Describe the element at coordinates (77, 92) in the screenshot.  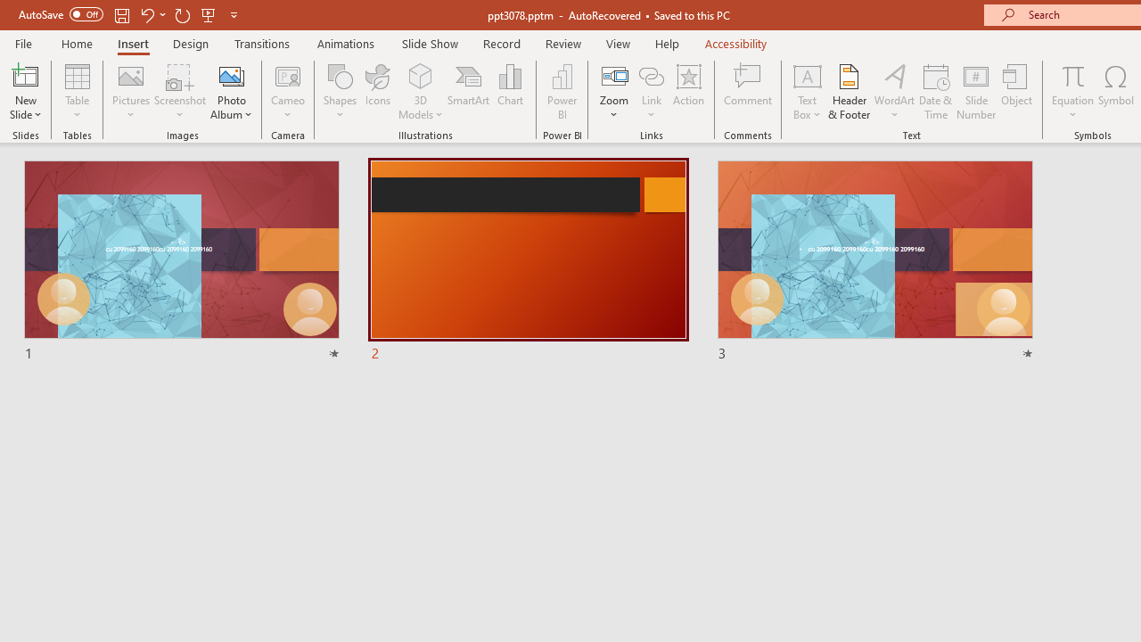
I see `'Table'` at that location.